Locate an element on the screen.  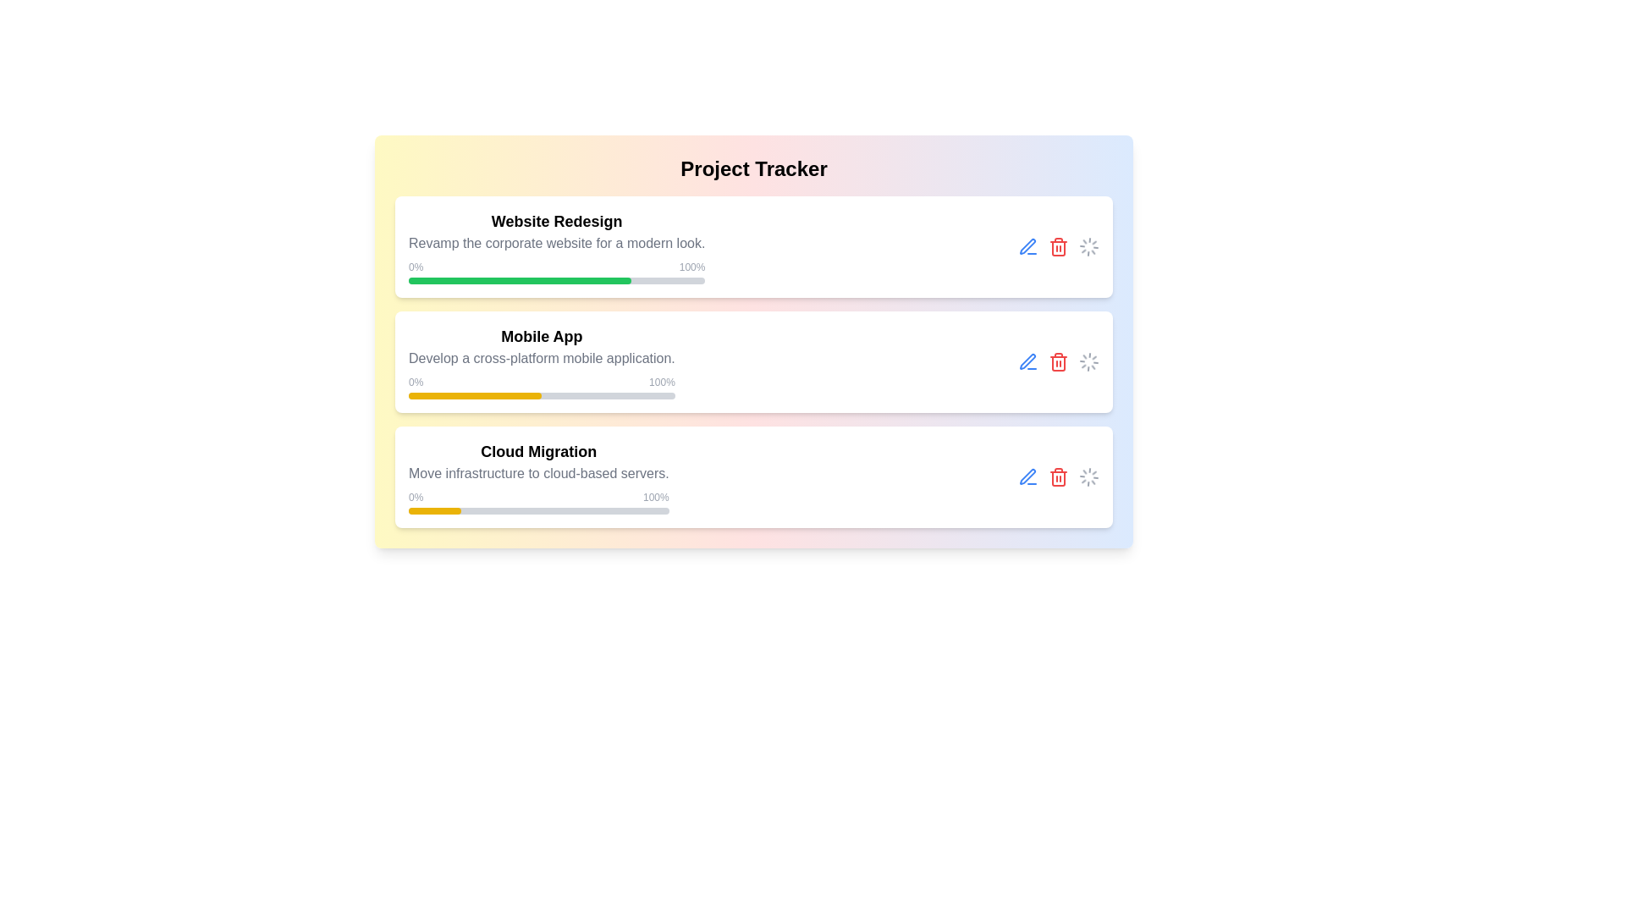
delete button for the project named Mobile App is located at coordinates (1058, 361).